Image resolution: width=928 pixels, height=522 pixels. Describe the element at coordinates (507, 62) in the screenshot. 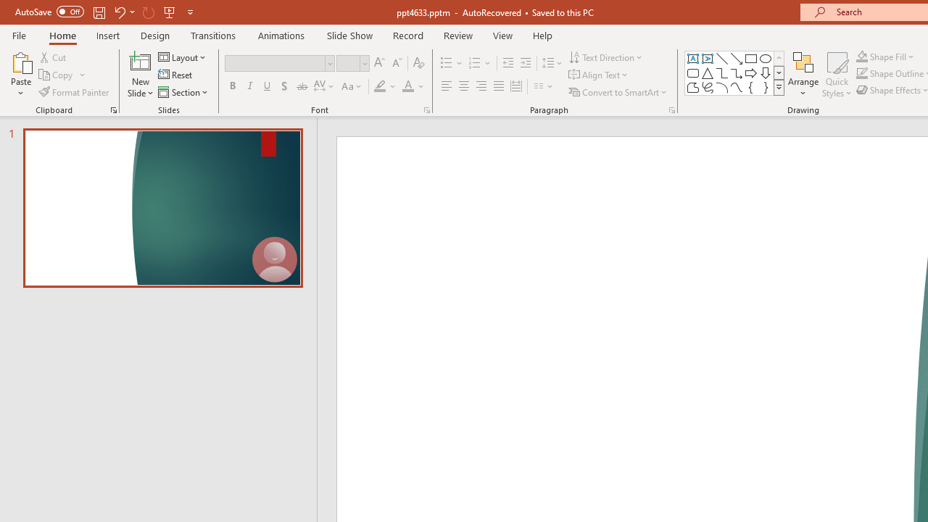

I see `'Decrease Indent'` at that location.